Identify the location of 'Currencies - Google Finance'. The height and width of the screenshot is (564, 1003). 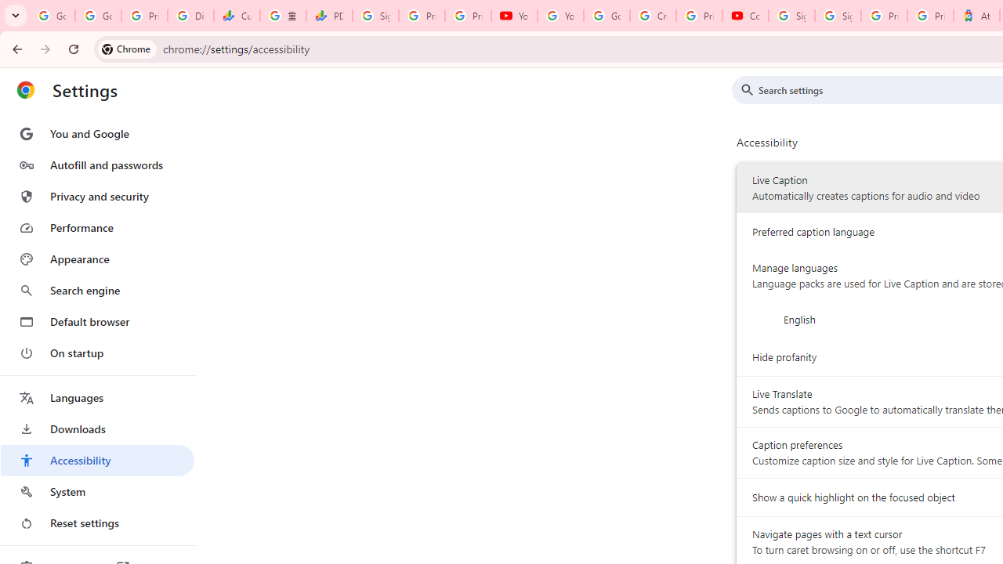
(236, 16).